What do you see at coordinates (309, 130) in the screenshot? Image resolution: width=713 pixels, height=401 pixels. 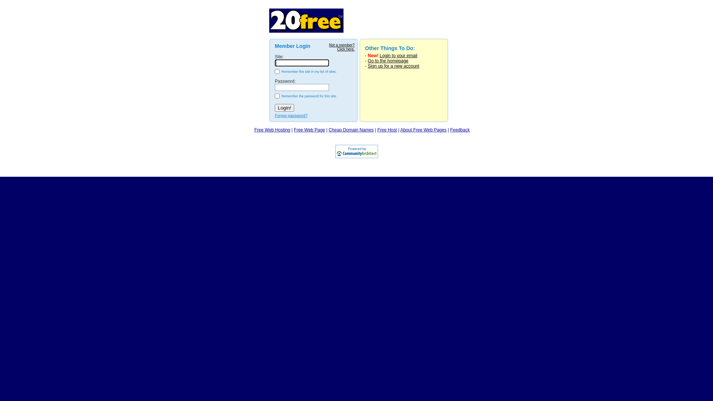 I see `'Free Web Page'` at bounding box center [309, 130].